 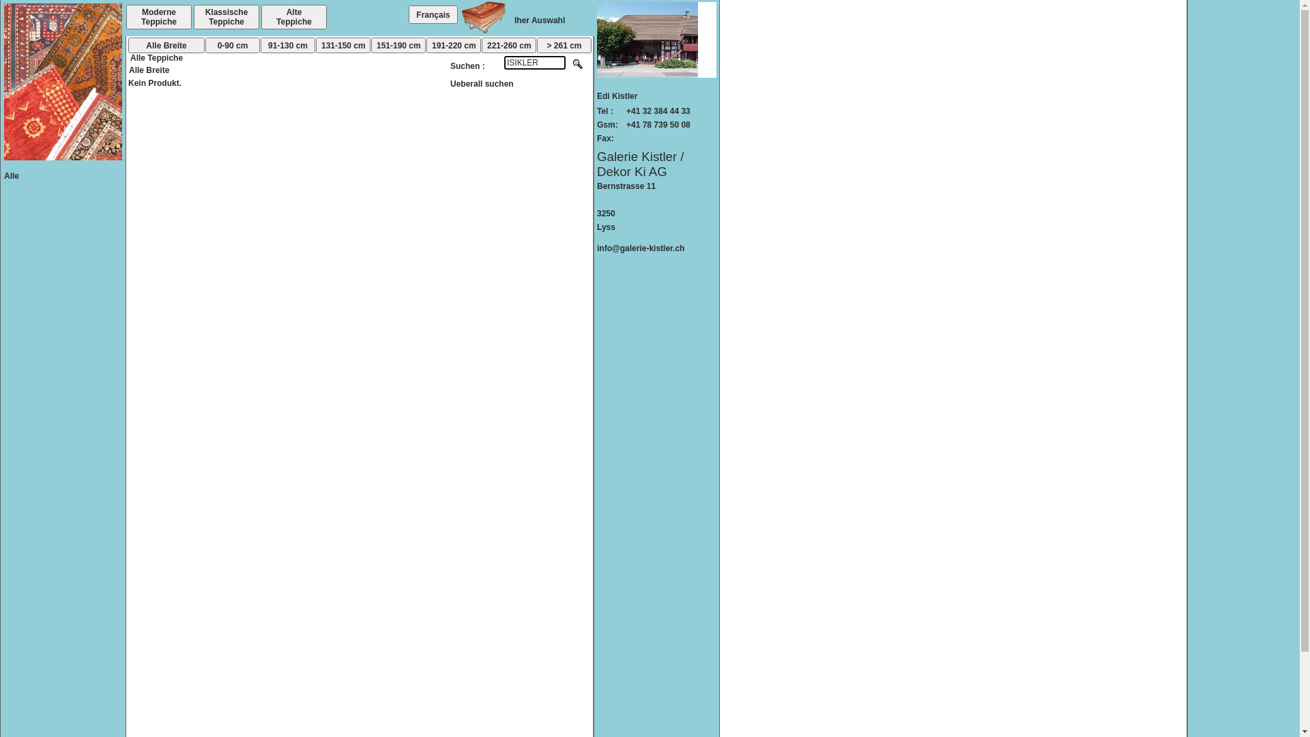 What do you see at coordinates (454, 44) in the screenshot?
I see `'191-220 cm'` at bounding box center [454, 44].